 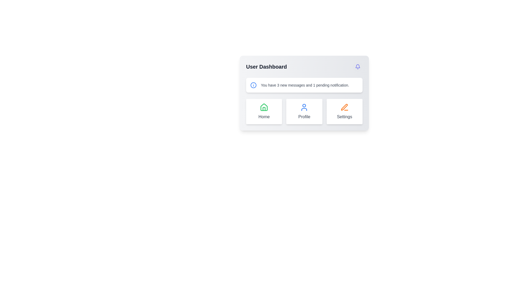 I want to click on the 'Profile' tile, which is the second tile in the grid section of the 'User Dashboard', featuring a blue icon and label, so click(x=304, y=111).